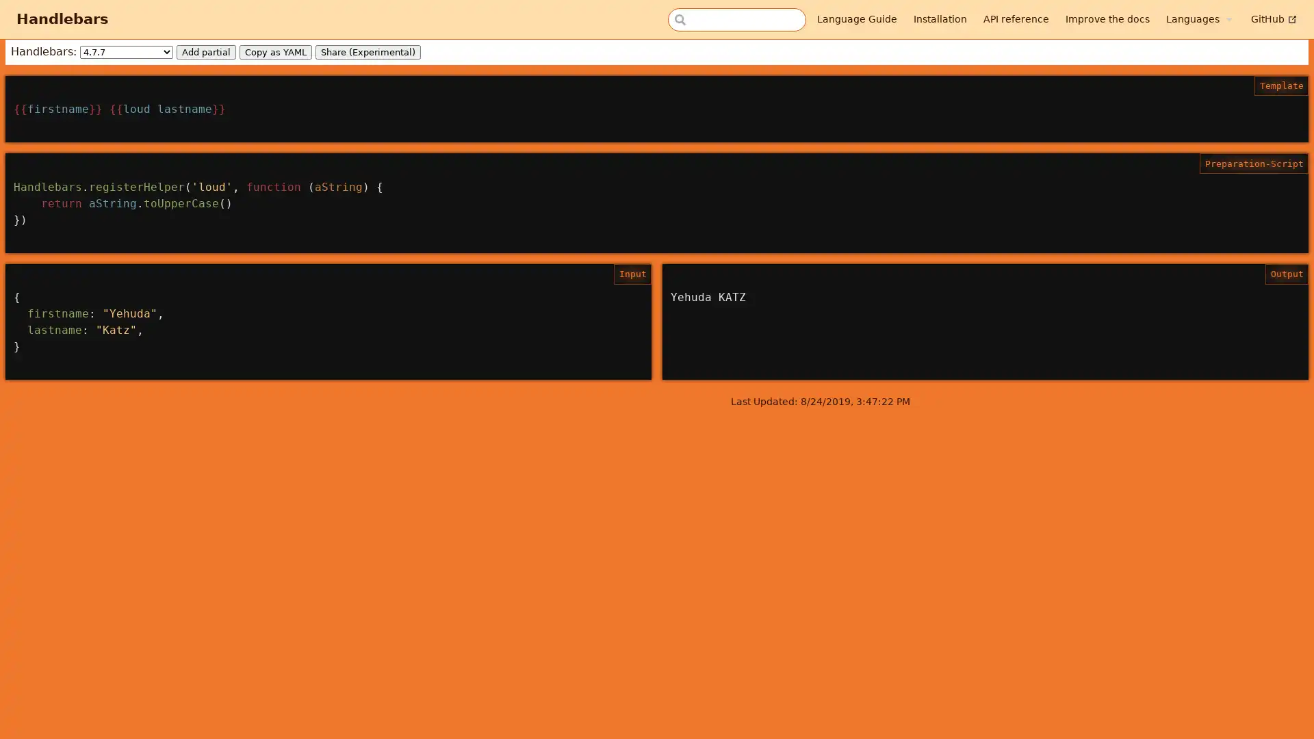 Image resolution: width=1314 pixels, height=739 pixels. Describe the element at coordinates (1198, 18) in the screenshot. I see `Languages` at that location.